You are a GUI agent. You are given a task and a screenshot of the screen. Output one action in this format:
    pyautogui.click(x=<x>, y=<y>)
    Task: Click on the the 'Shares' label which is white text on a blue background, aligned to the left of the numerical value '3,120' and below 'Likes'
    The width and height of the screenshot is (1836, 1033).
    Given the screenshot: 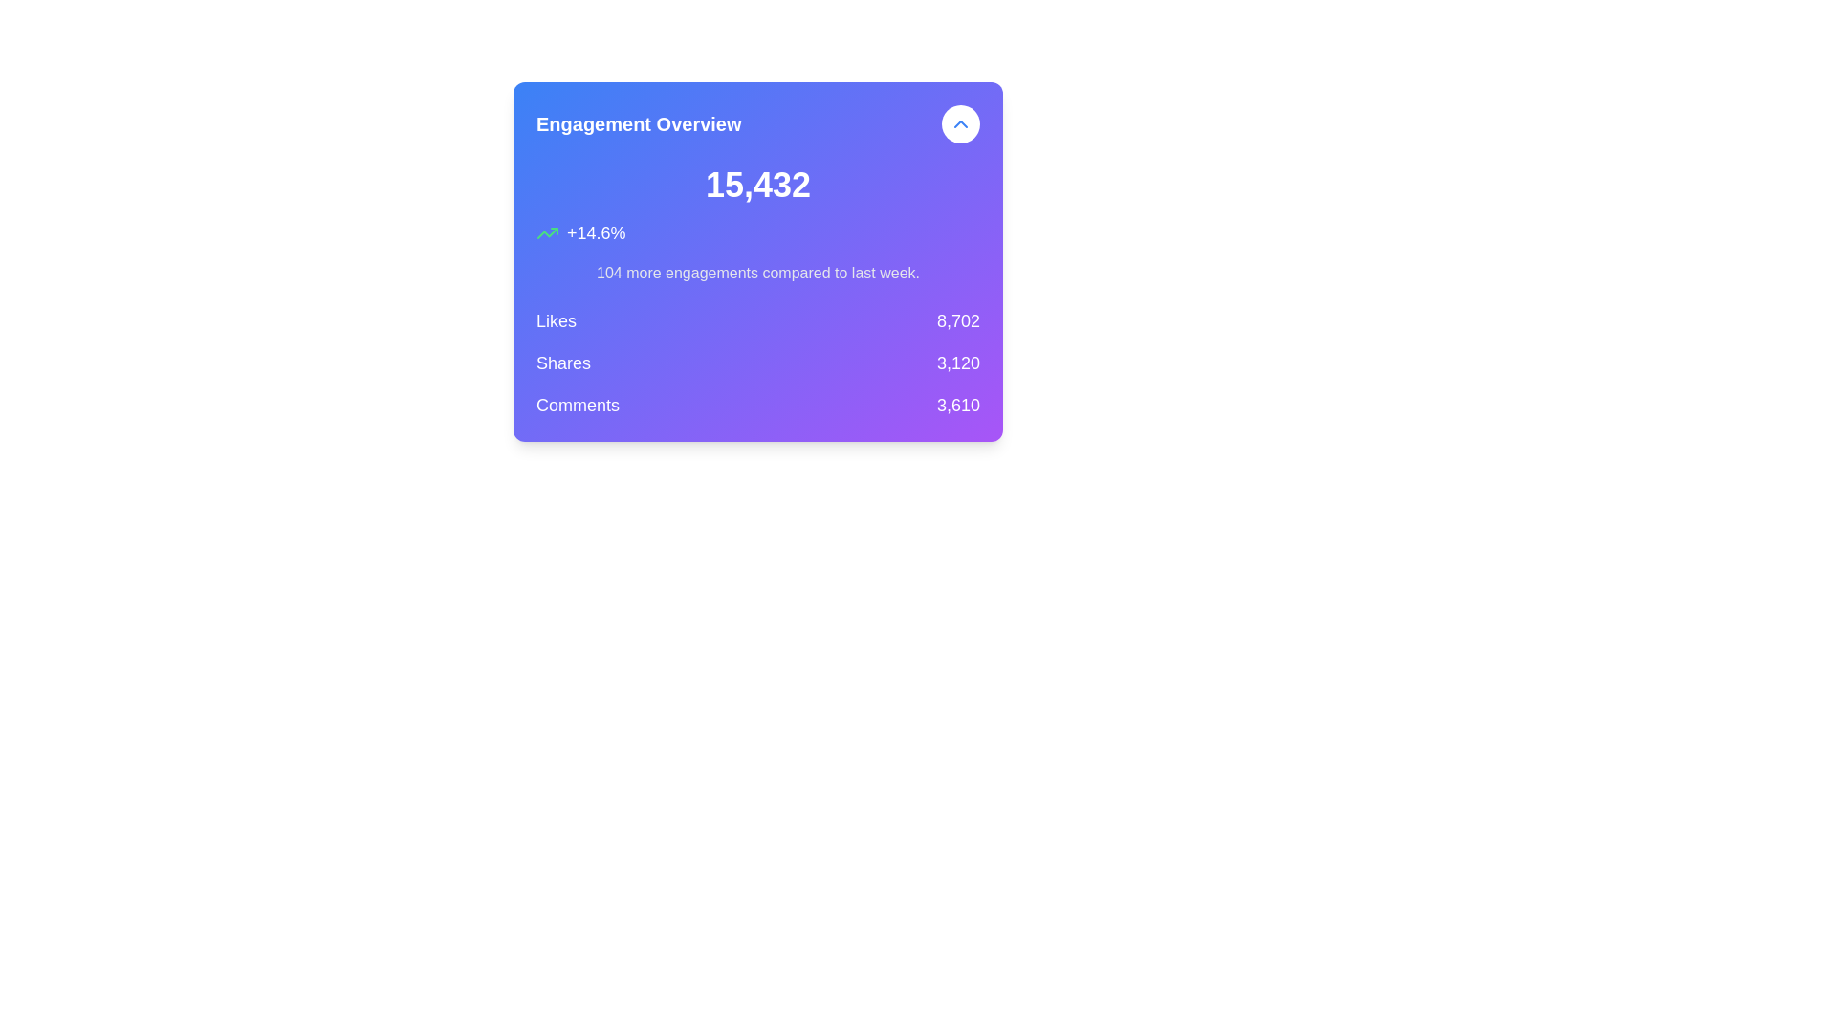 What is the action you would take?
    pyautogui.click(x=562, y=363)
    